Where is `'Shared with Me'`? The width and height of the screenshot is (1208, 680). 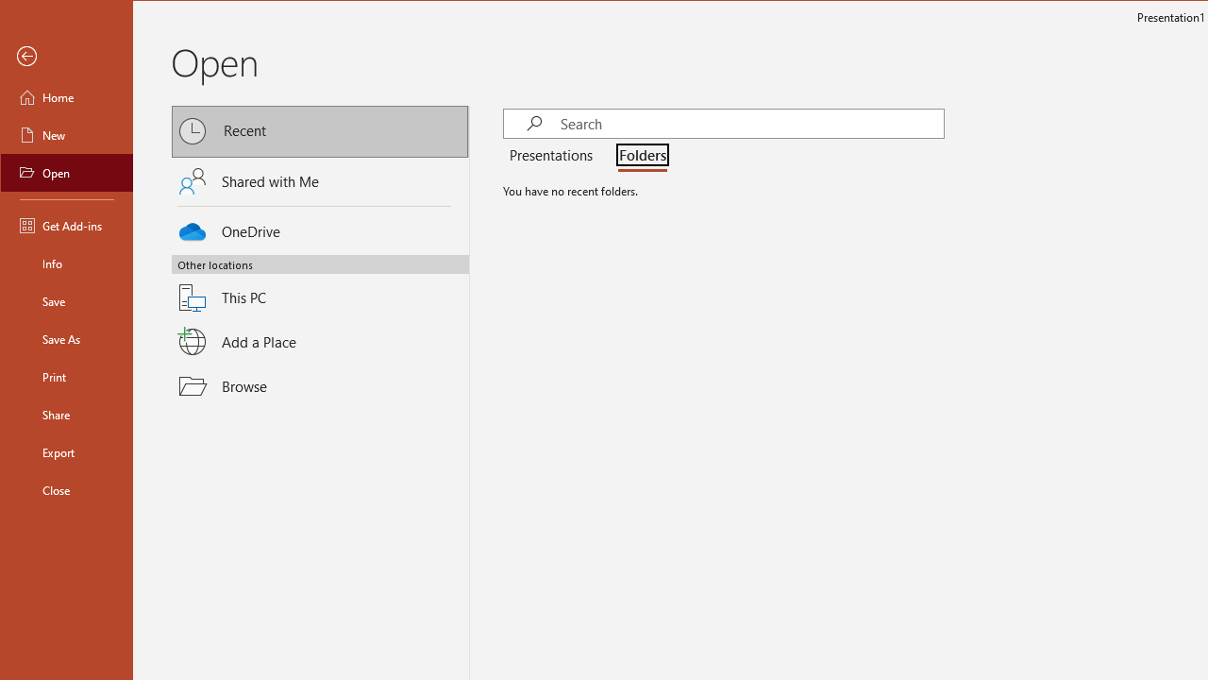 'Shared with Me' is located at coordinates (320, 180).